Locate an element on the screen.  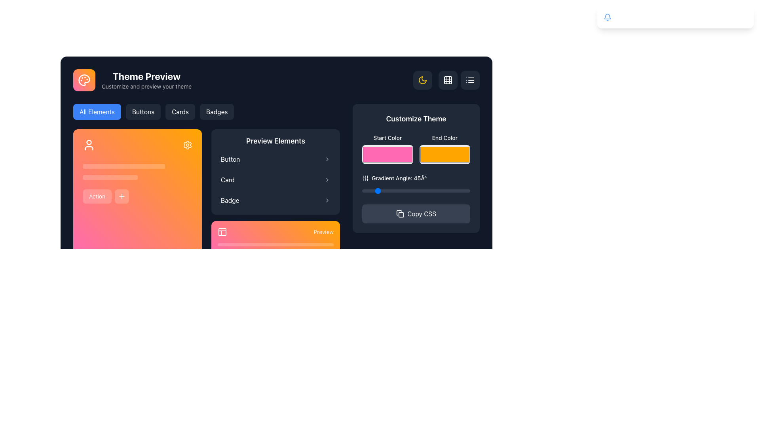
the thin horizontal Progress Bar or Divider located near the bottom center of the UI layout, which has rounded ends and a partially transparent white background is located at coordinates (275, 244).